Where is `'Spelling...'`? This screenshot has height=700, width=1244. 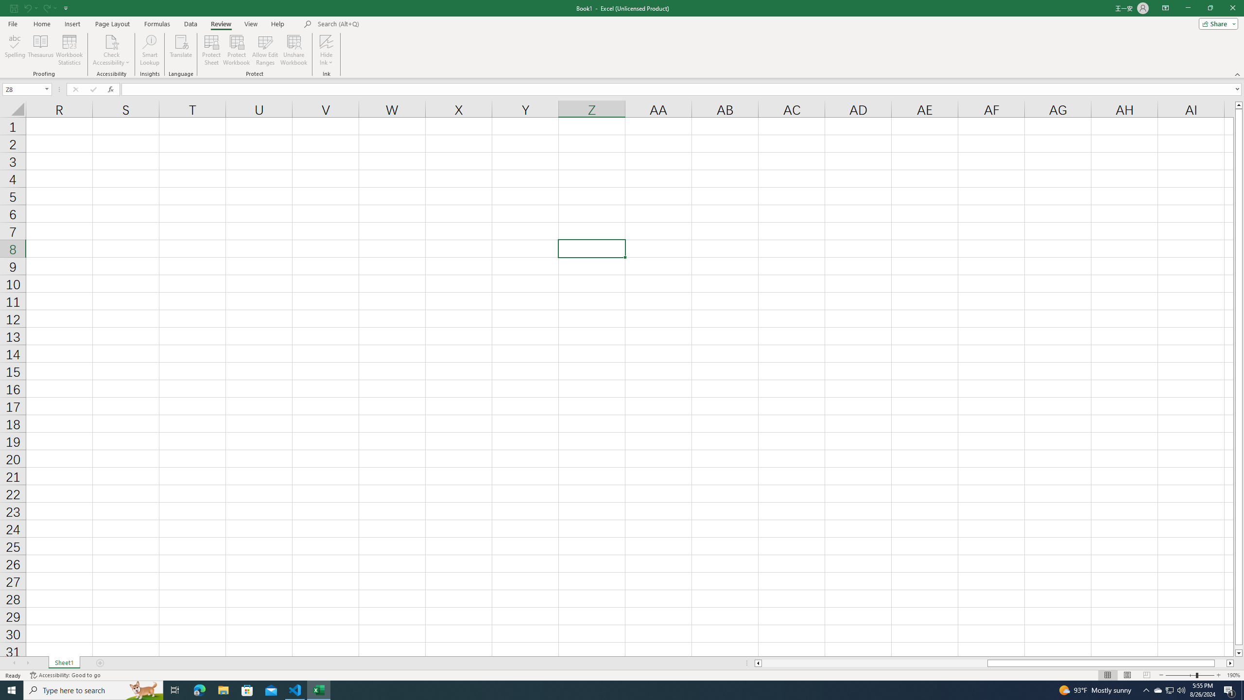
'Spelling...' is located at coordinates (14, 50).